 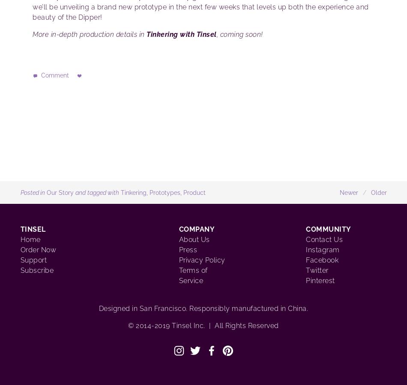 I want to click on 'Older', so click(x=370, y=192).